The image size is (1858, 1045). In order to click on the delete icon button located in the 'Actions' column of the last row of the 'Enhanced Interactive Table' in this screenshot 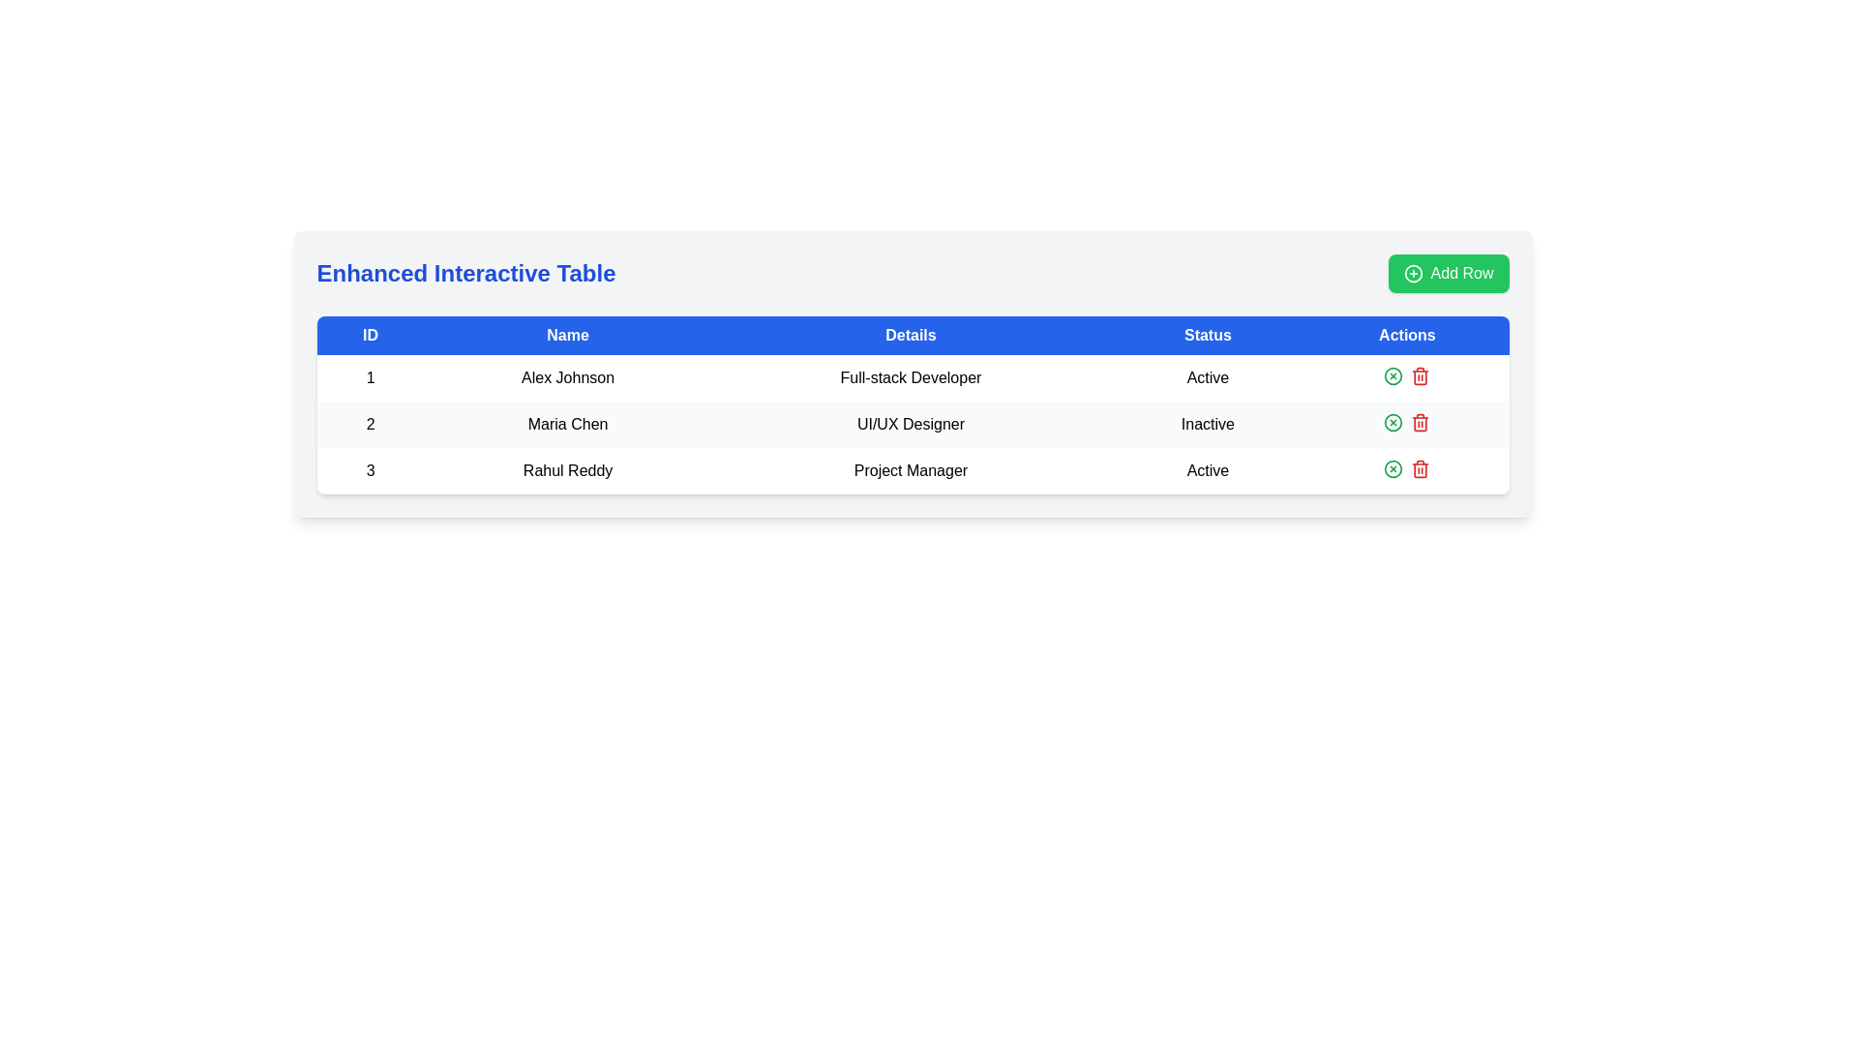, I will do `click(1421, 423)`.